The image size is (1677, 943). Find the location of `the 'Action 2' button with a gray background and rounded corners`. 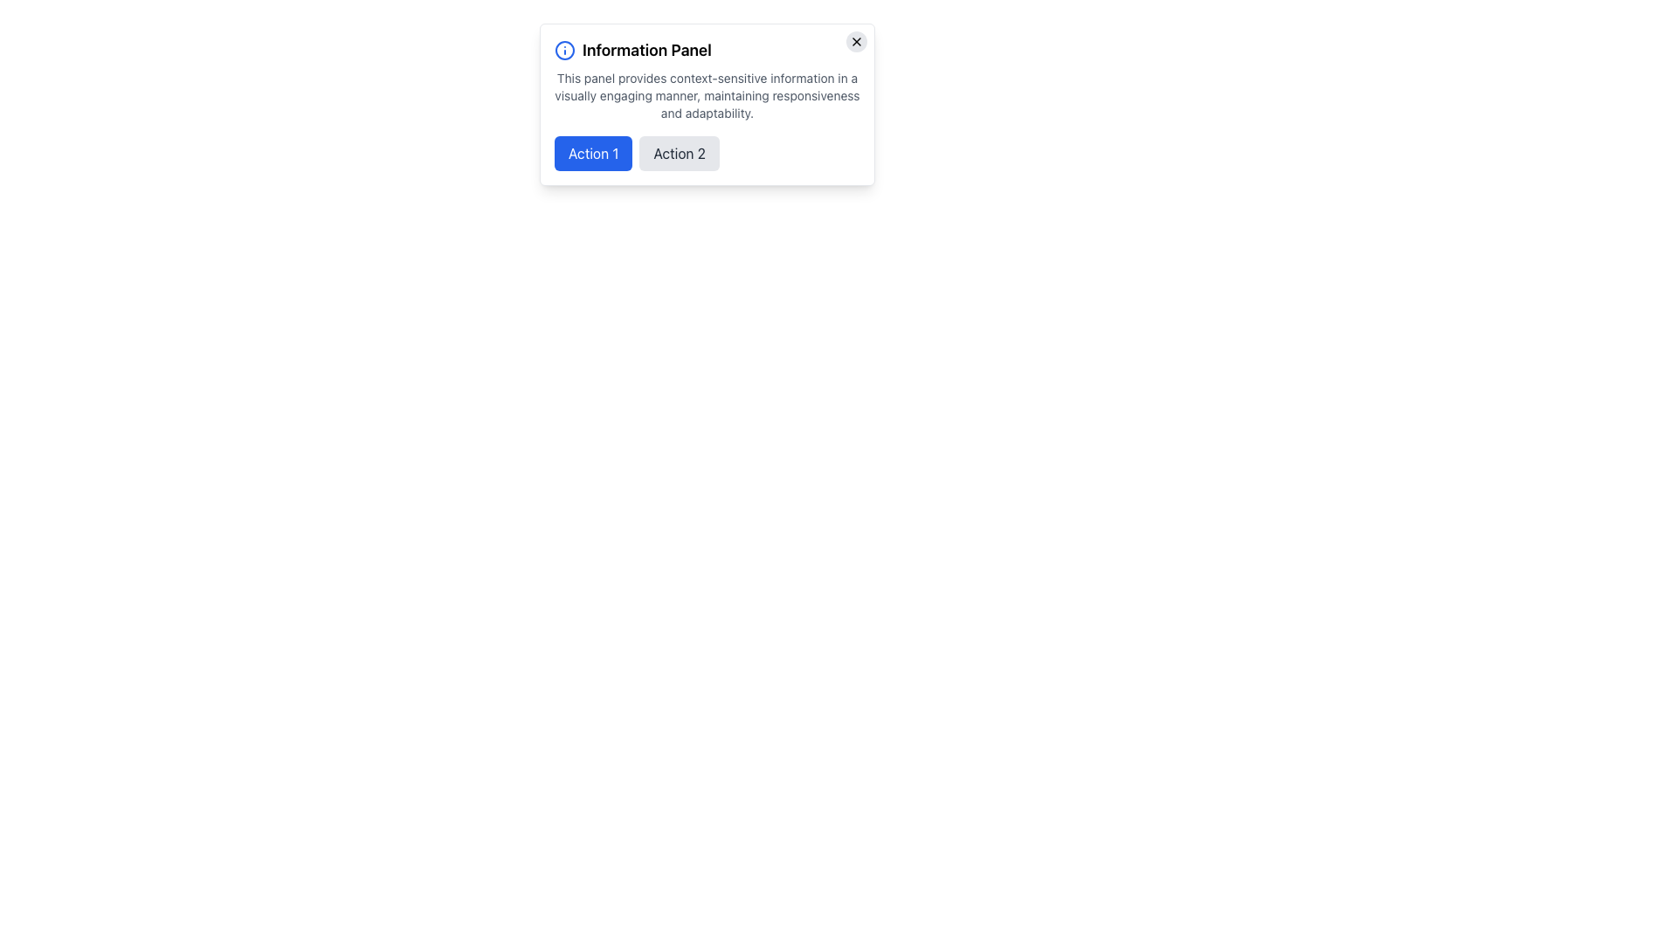

the 'Action 2' button with a gray background and rounded corners is located at coordinates (679, 153).